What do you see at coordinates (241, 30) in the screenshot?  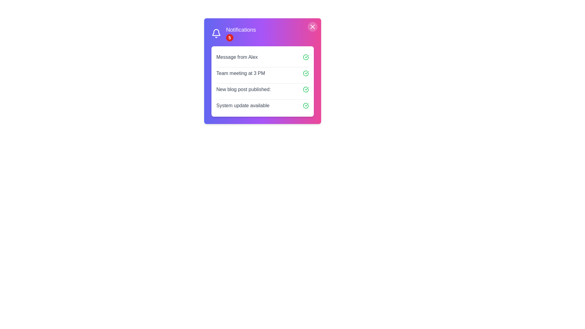 I see `the 'Notifications' text label, which is a medium-sized bold white font displayed on a gradient background in the notification panel` at bounding box center [241, 30].